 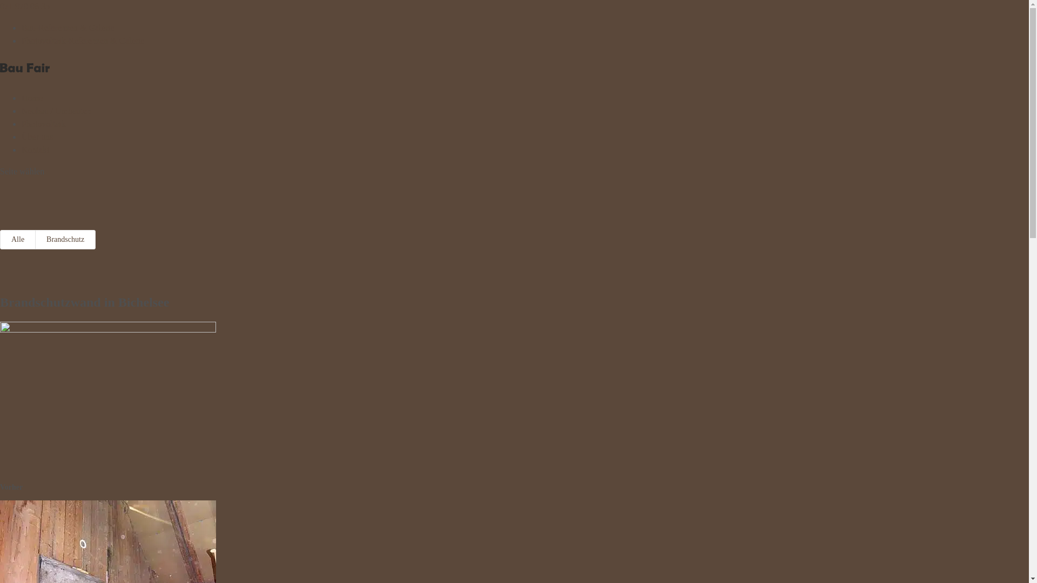 I want to click on 'Alle', so click(x=18, y=239).